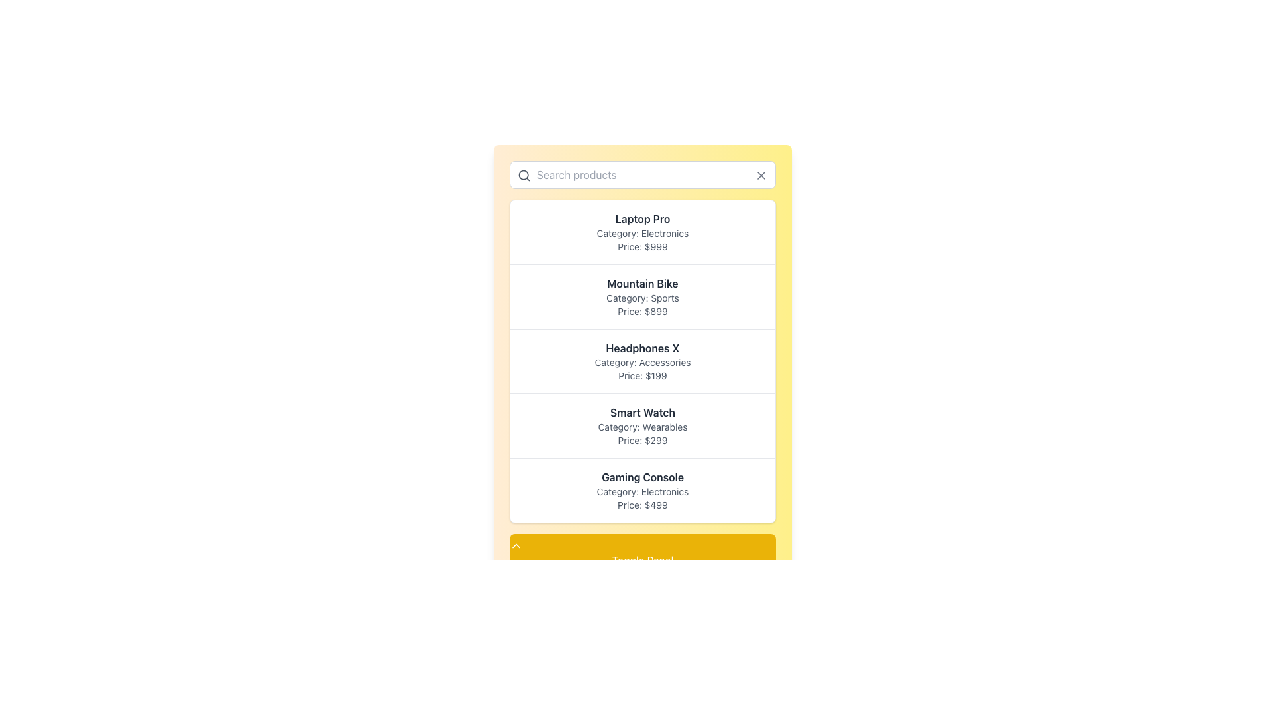 The image size is (1279, 719). I want to click on text content of the text label displaying 'Price: $899', which is styled in gray and positioned below the 'Category: Sports' text within the 'Mountain Bike' product section, so click(642, 311).